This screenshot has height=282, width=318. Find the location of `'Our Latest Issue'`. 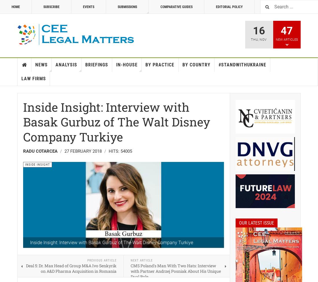

'Our Latest Issue' is located at coordinates (256, 223).